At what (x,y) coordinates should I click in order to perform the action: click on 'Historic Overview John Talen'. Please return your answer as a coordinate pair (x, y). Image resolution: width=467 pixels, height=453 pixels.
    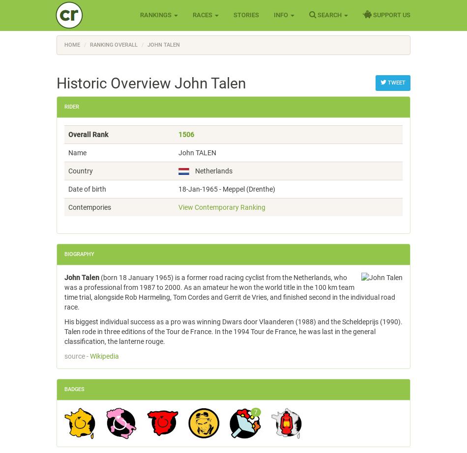
    Looking at the image, I should click on (150, 83).